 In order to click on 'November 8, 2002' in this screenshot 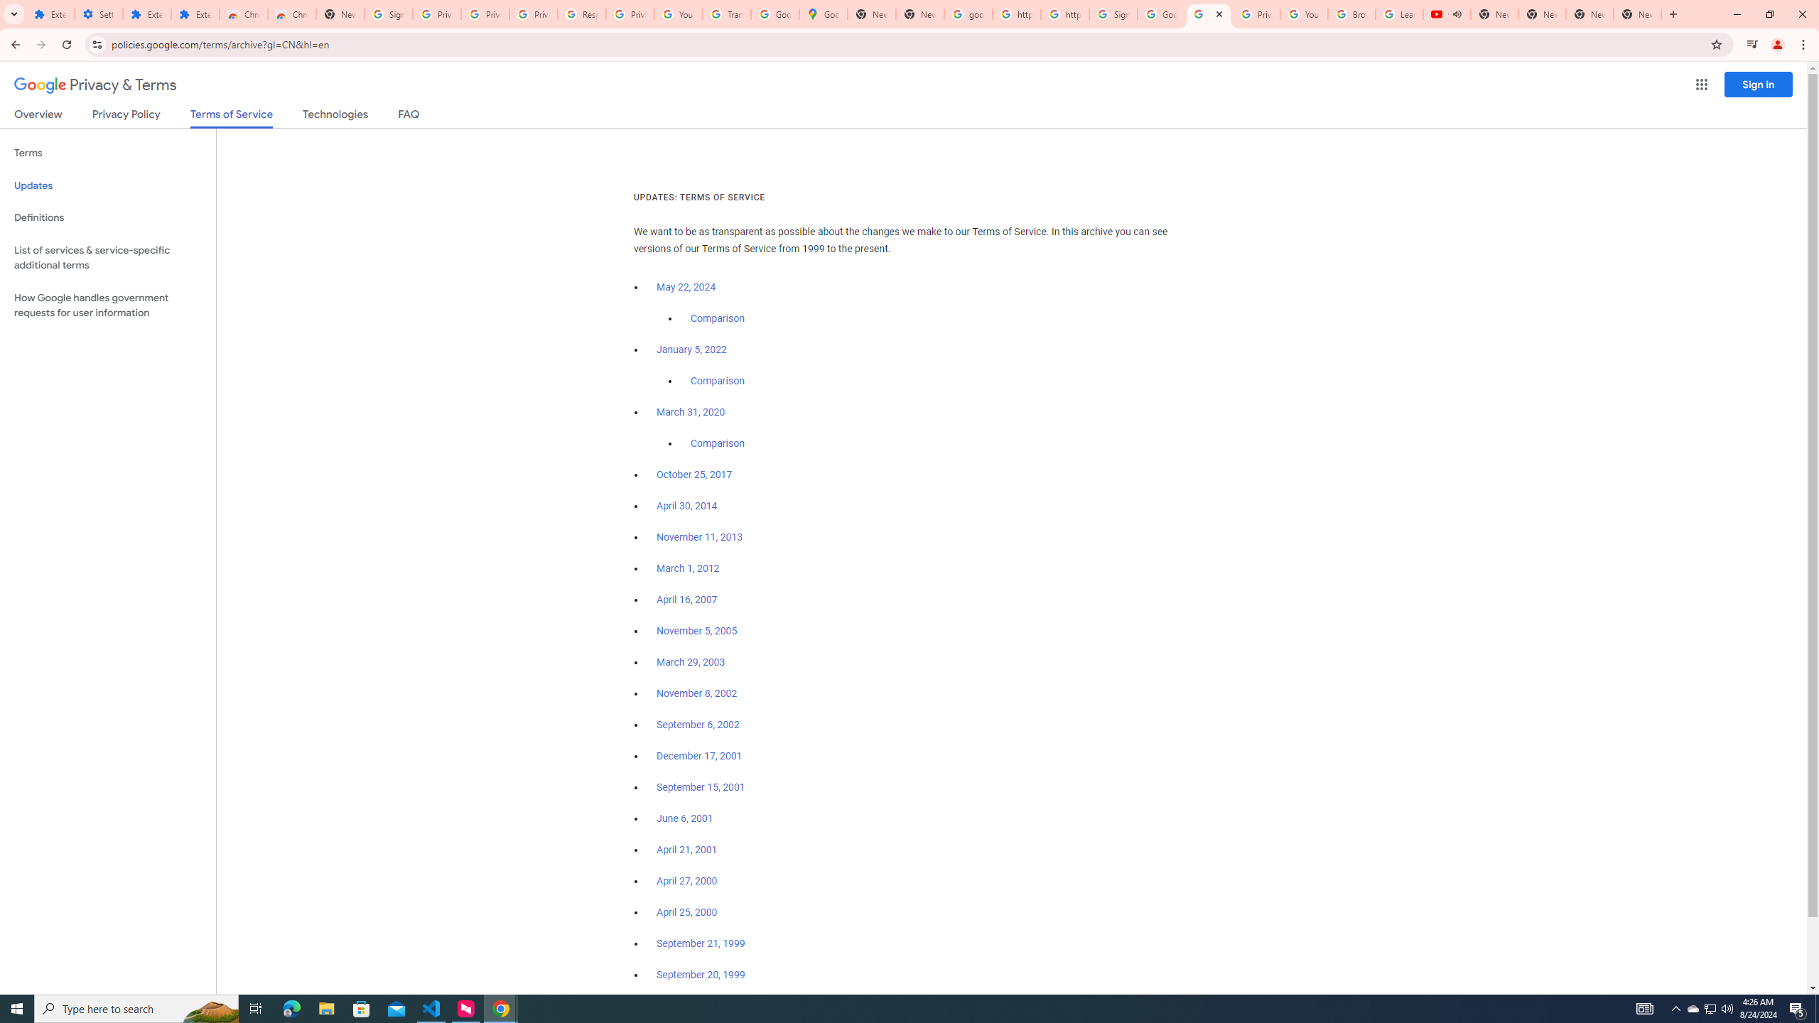, I will do `click(696, 693)`.